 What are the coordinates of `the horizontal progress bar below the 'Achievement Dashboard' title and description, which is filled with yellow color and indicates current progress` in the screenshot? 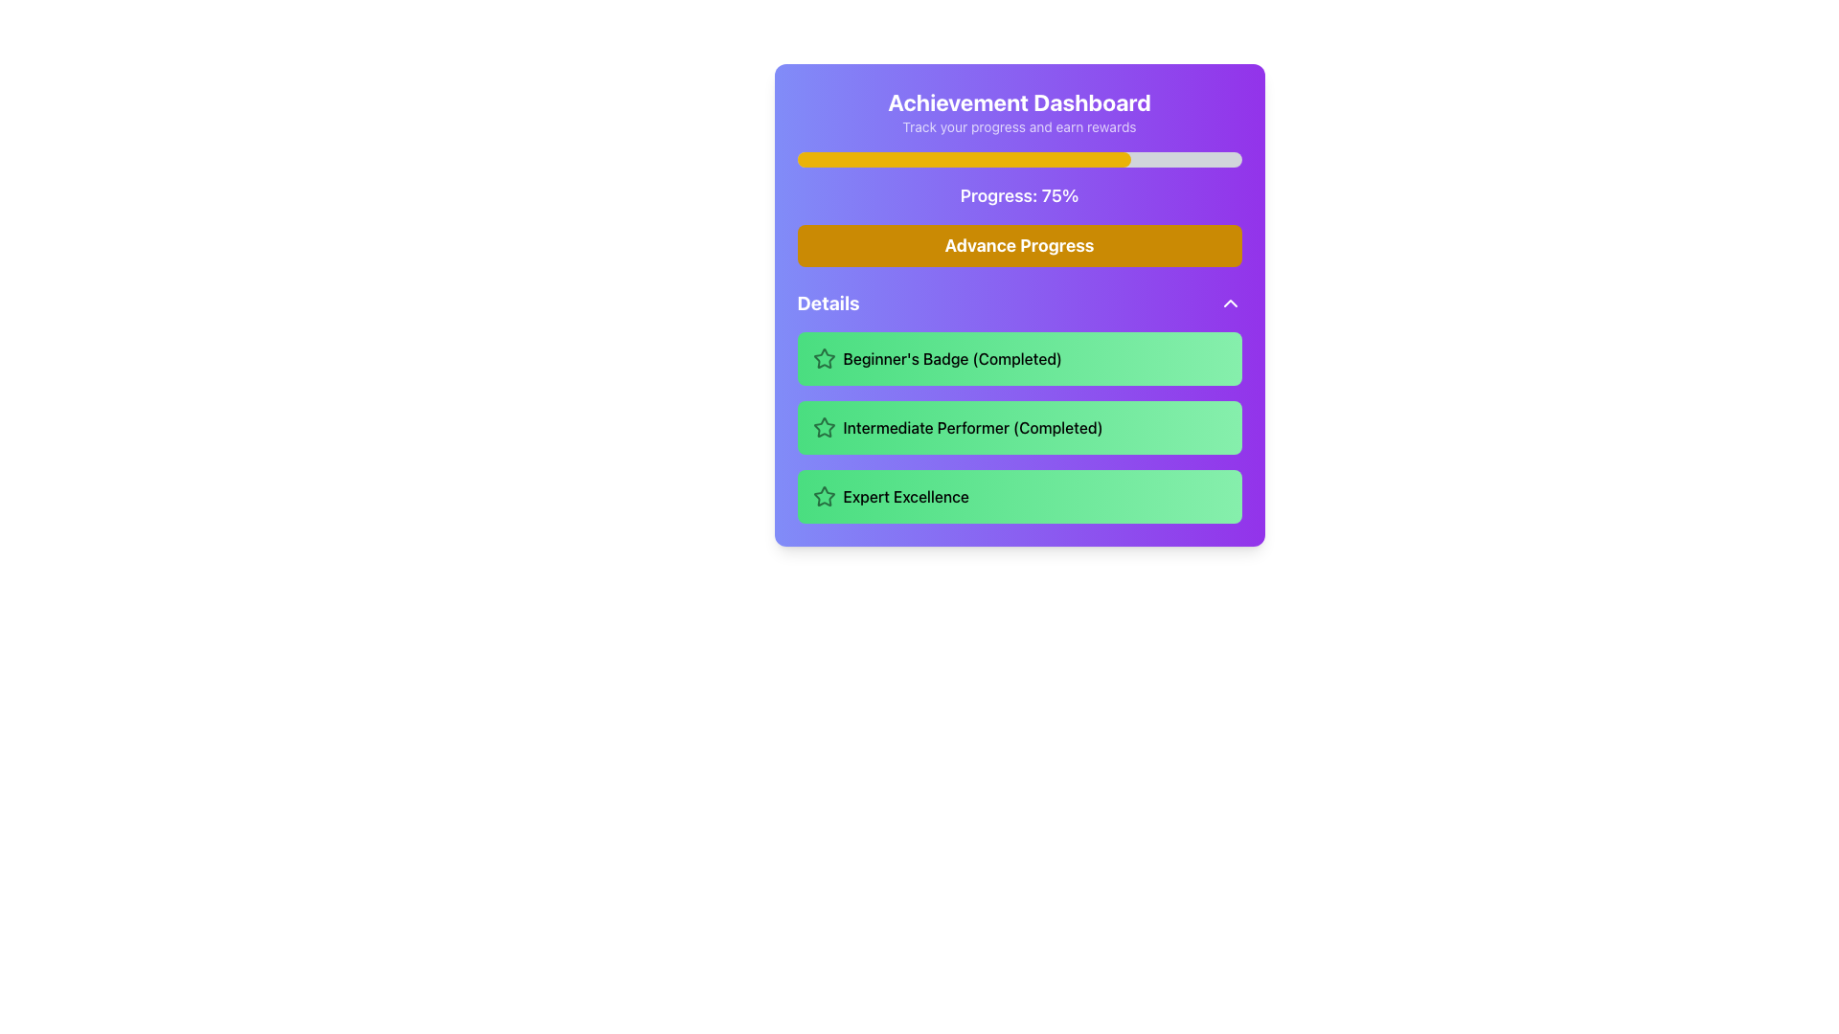 It's located at (1018, 158).